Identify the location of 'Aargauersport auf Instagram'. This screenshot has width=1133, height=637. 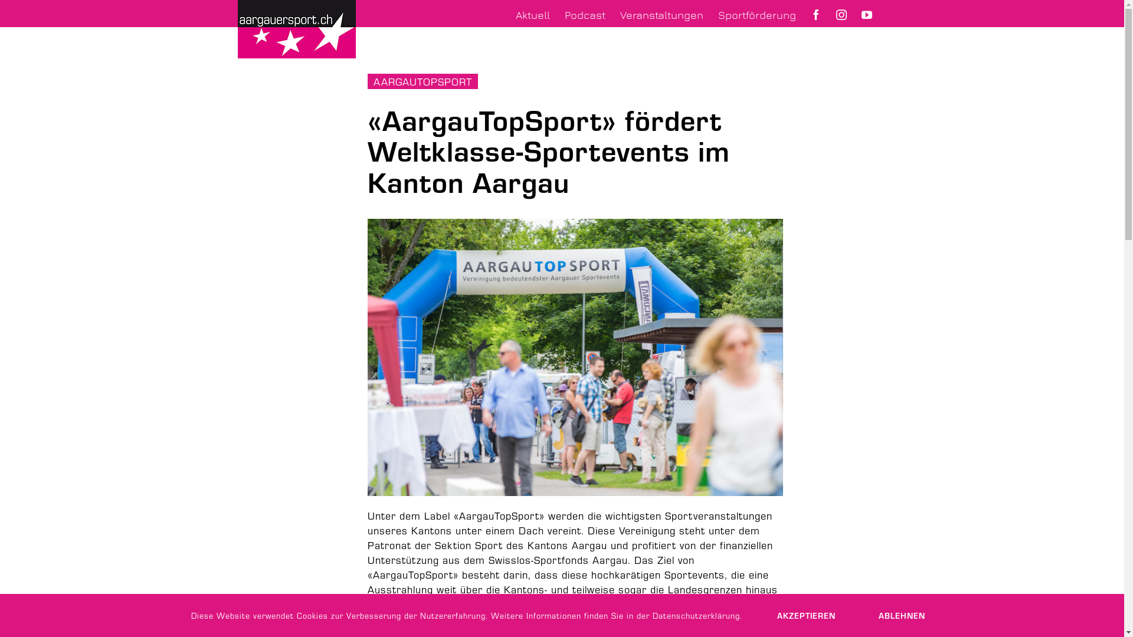
(840, 16).